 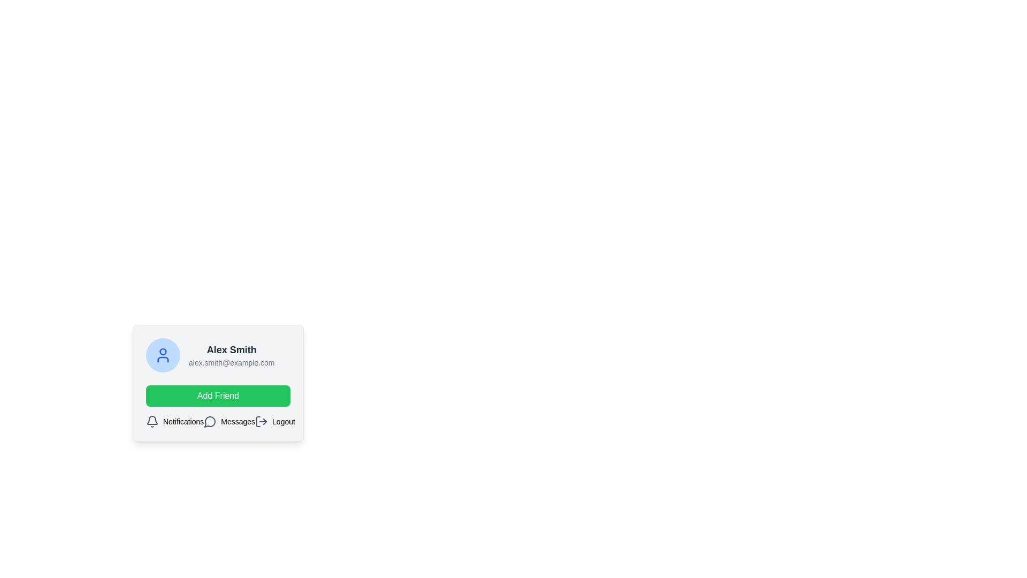 What do you see at coordinates (163, 351) in the screenshot?
I see `the small solid color circle positioned at the upper center of the light blue user profile icon` at bounding box center [163, 351].